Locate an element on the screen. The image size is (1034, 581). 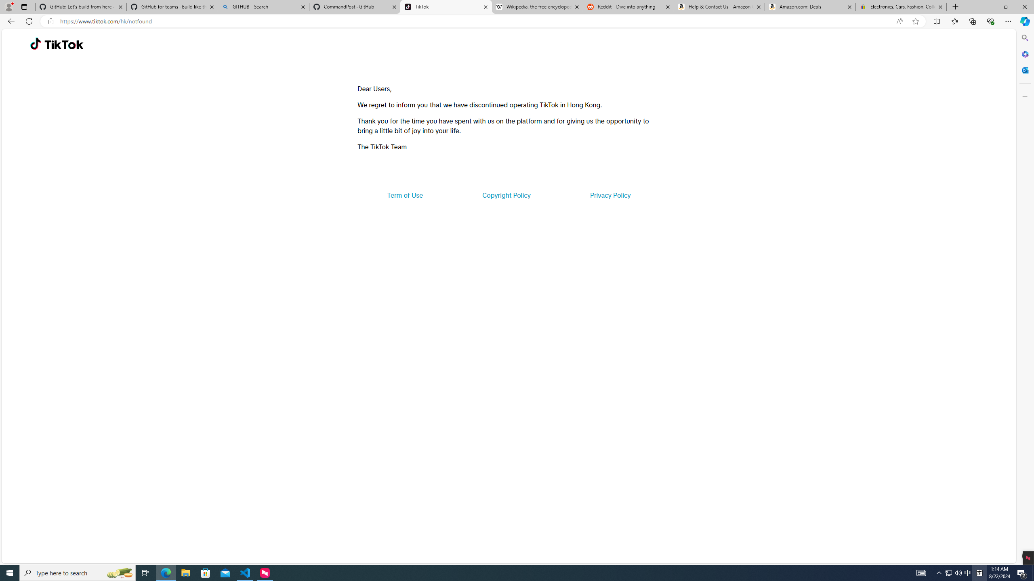
'Electronics, Cars, Fashion, Collectibles & More | eBay' is located at coordinates (901, 6).